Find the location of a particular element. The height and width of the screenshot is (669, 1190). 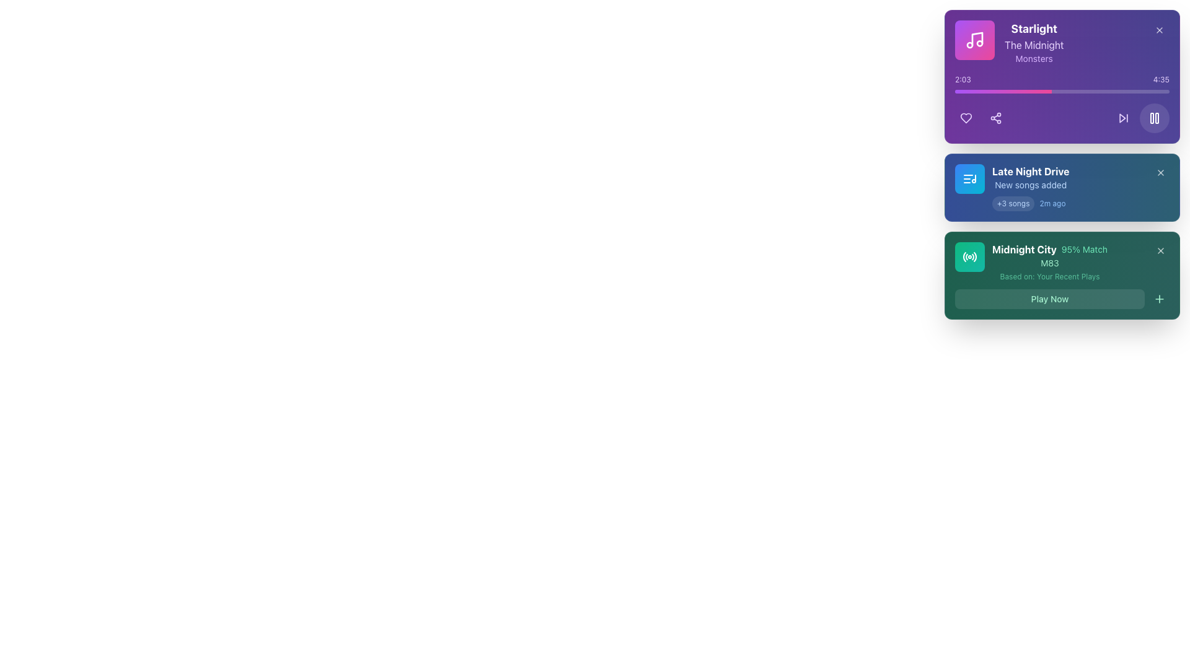

the static text label displaying 'The Midnight' in light purple color, located below 'Starlight' and above 'Monsters' is located at coordinates (1034, 45).